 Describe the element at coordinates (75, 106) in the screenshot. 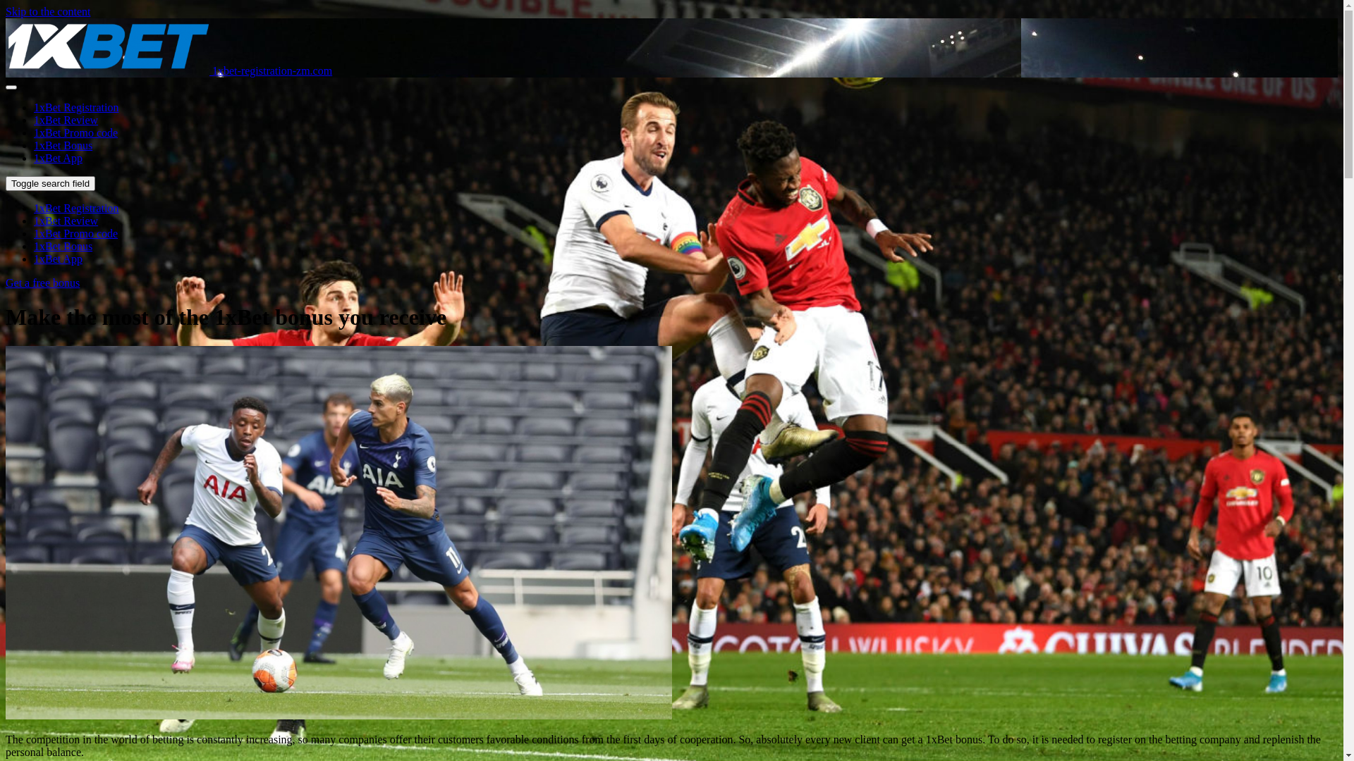

I see `'1xBet Registration'` at that location.